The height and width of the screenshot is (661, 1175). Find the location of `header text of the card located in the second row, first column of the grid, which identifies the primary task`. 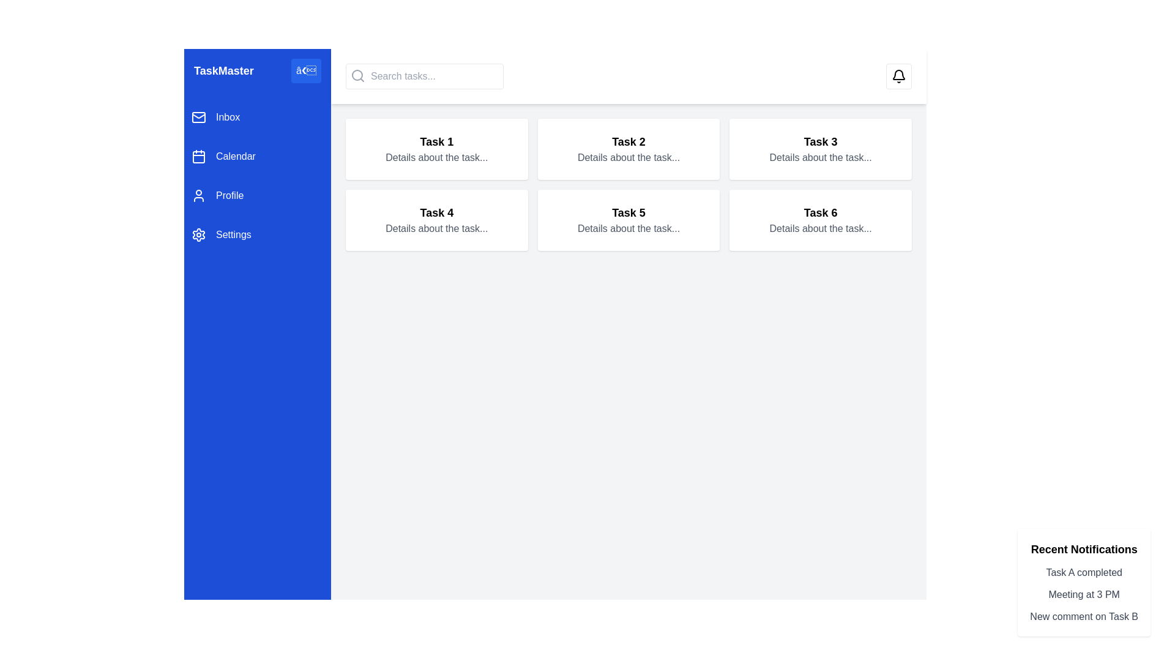

header text of the card located in the second row, first column of the grid, which identifies the primary task is located at coordinates (436, 212).